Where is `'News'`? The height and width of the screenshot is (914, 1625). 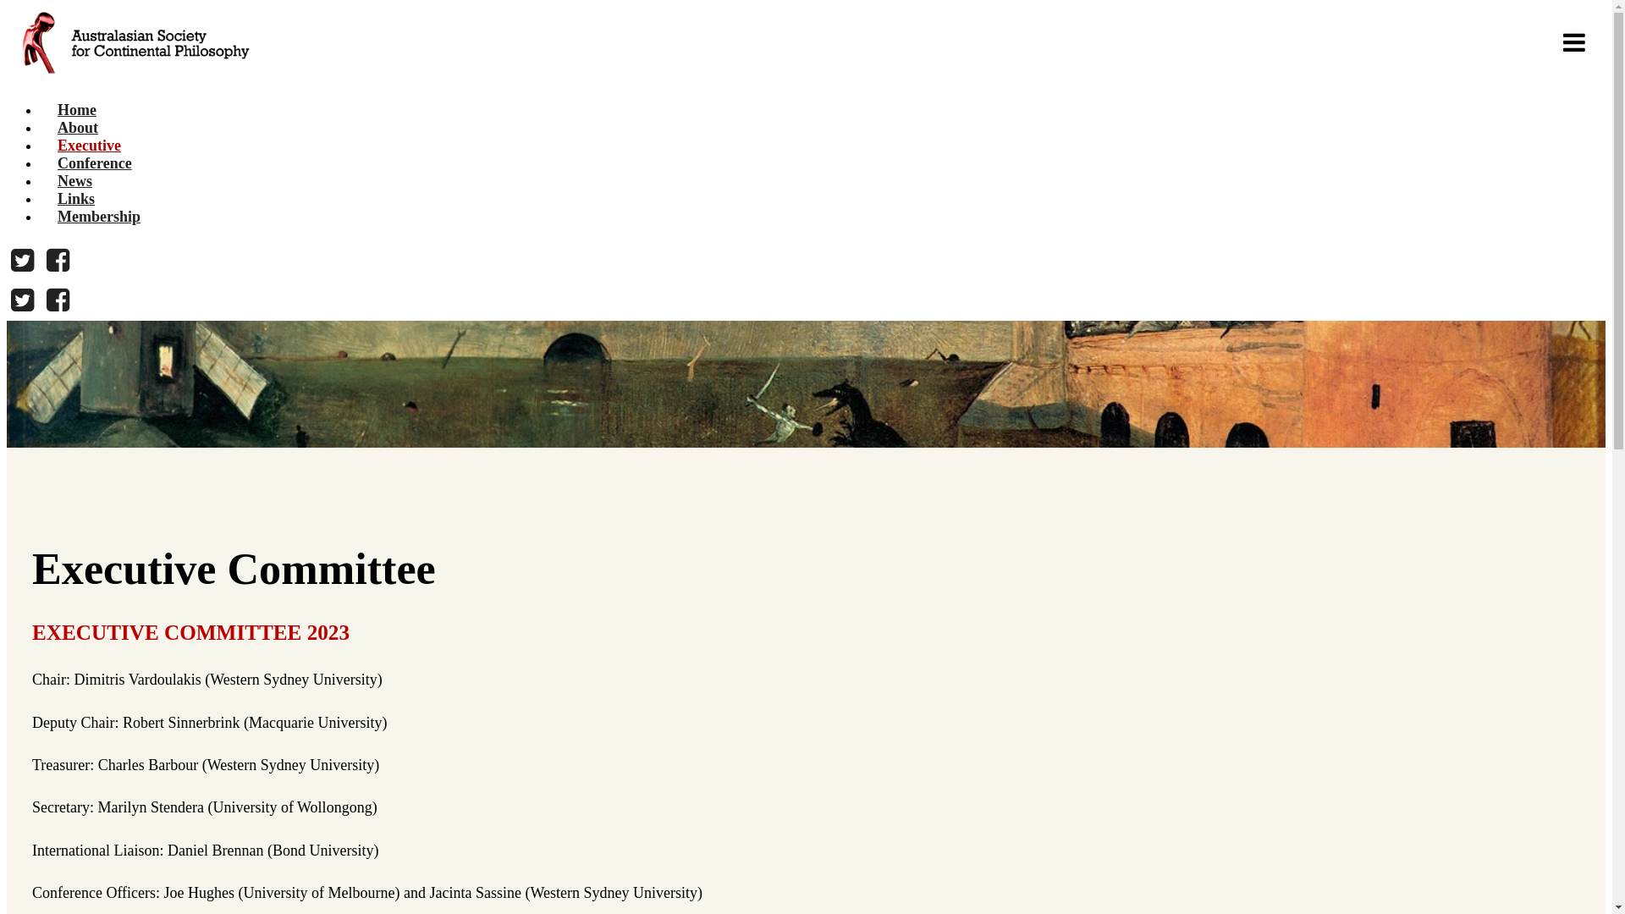 'News' is located at coordinates (74, 180).